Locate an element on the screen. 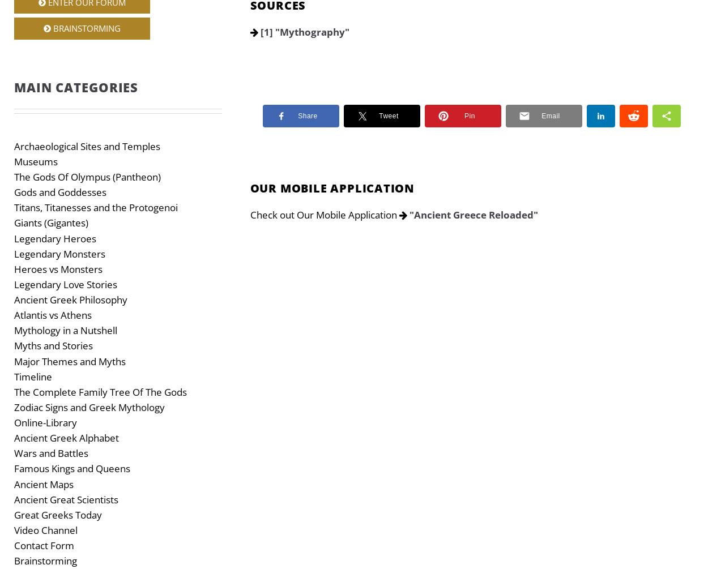 The width and height of the screenshot is (708, 569). 'Legendary Heroes' is located at coordinates (54, 238).